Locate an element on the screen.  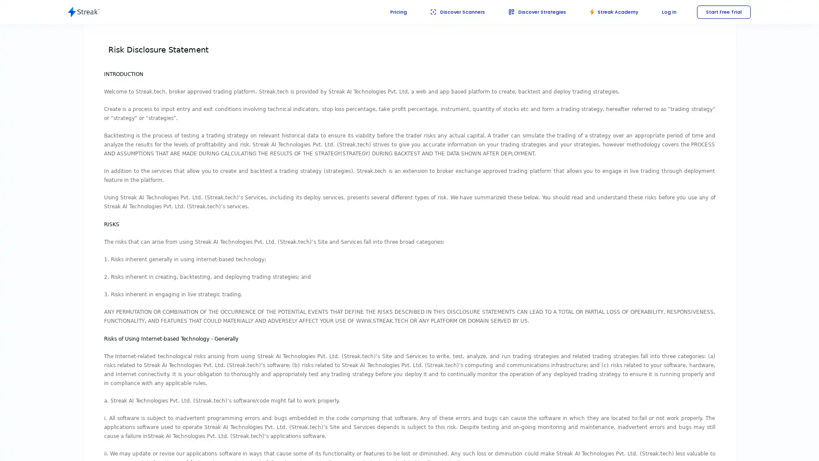
Discover Strategies is located at coordinates (530, 12).